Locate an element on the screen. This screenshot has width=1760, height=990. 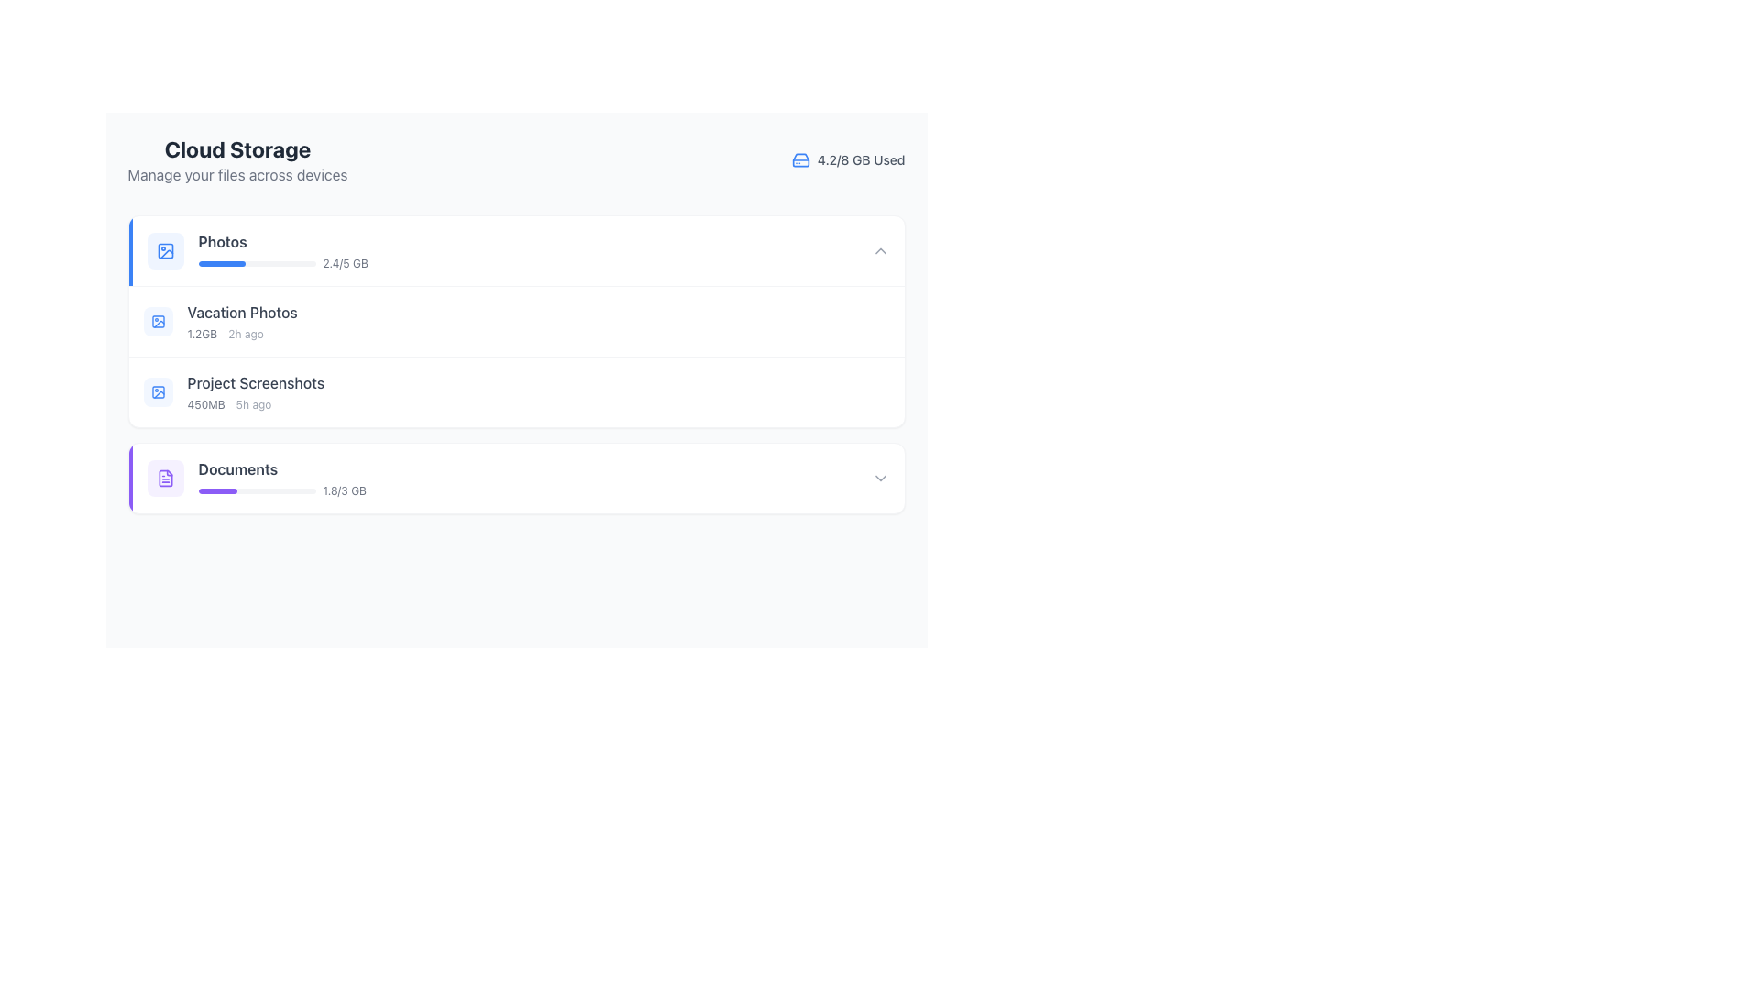
text from the small gray text block displaying '2.4/5 GB' located in the 'Photos' section, which appears to the right of the horizontal progress bar is located at coordinates (346, 264).